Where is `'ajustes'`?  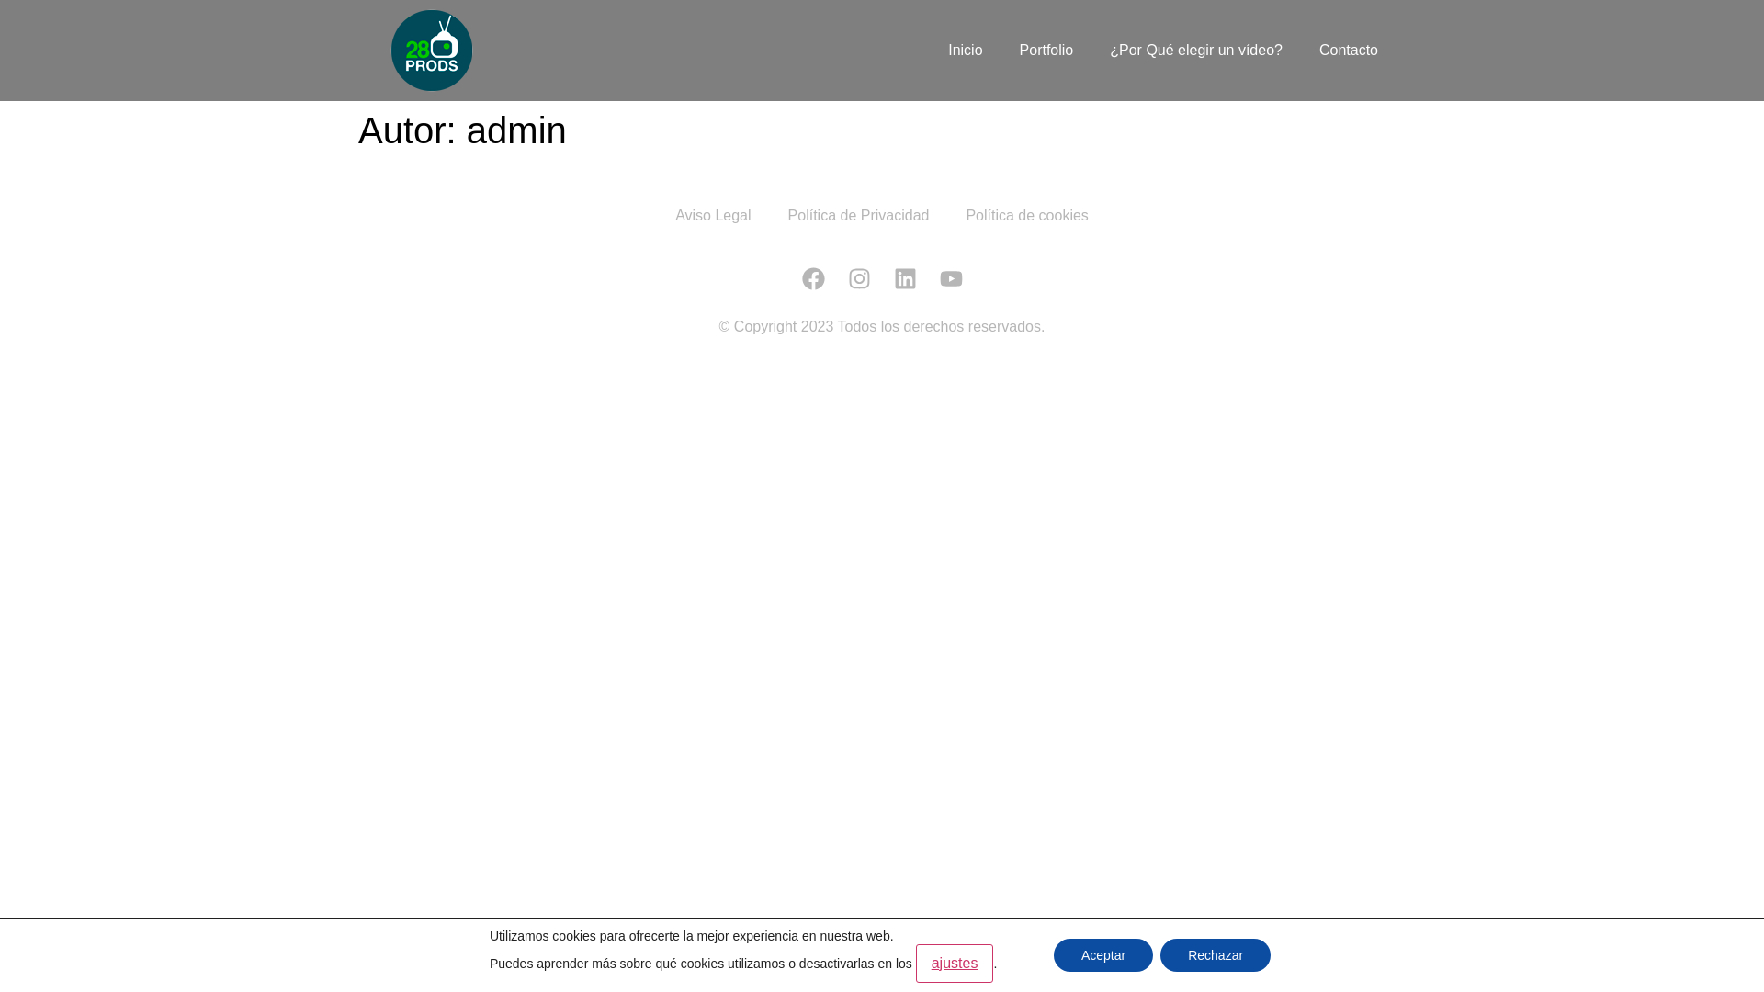
'ajustes' is located at coordinates (955, 963).